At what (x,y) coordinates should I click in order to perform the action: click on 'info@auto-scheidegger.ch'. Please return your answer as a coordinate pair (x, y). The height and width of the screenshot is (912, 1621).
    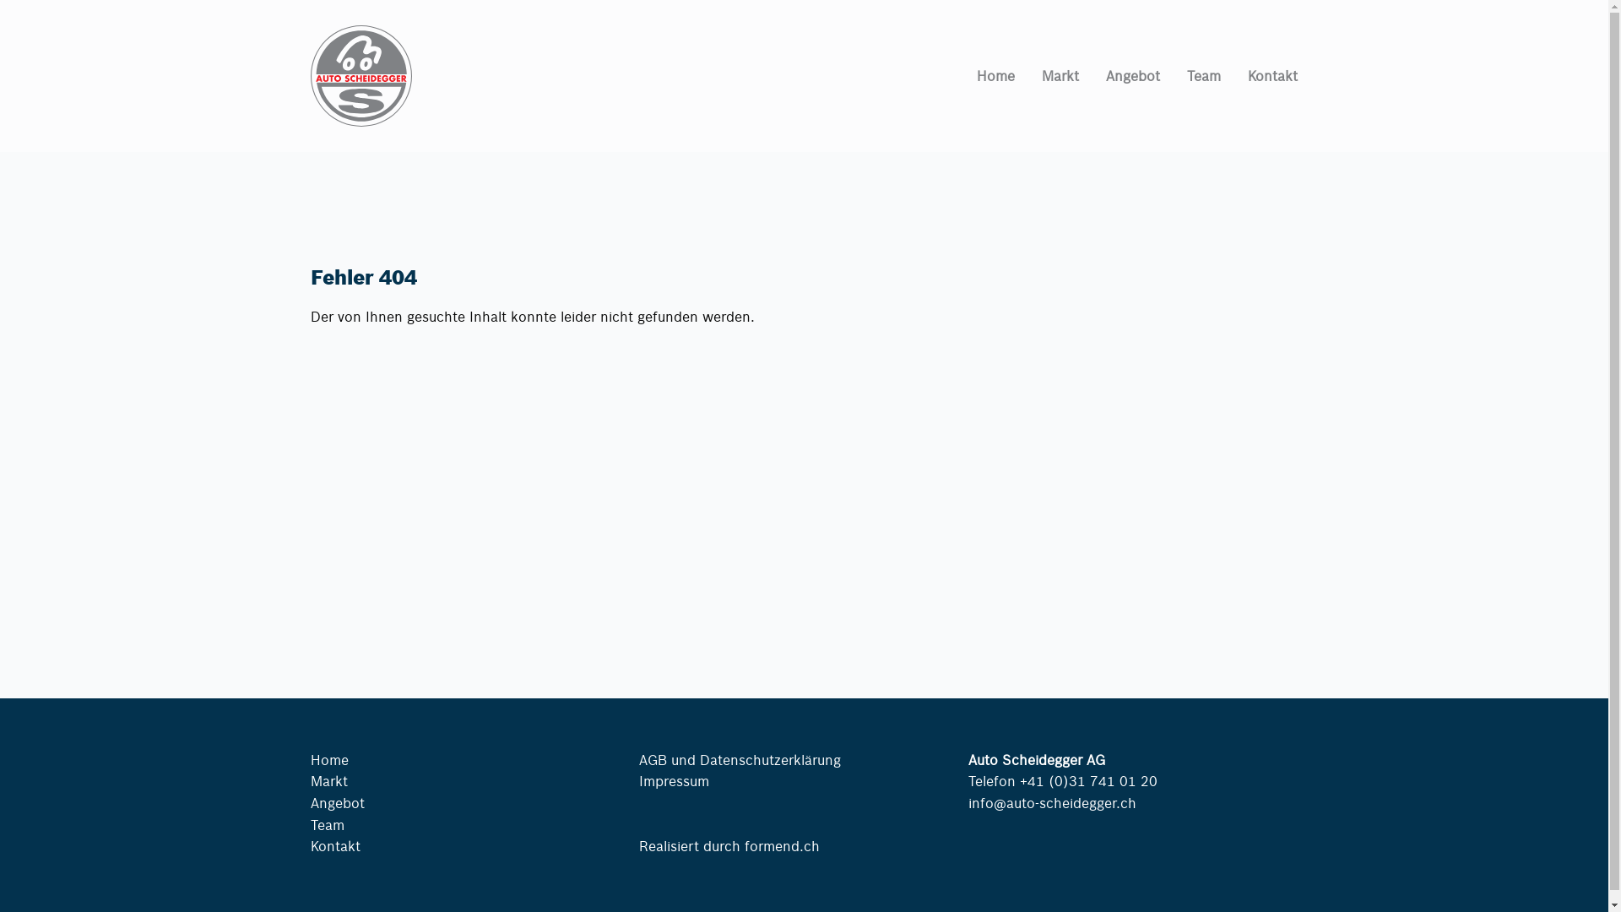
    Looking at the image, I should click on (1051, 801).